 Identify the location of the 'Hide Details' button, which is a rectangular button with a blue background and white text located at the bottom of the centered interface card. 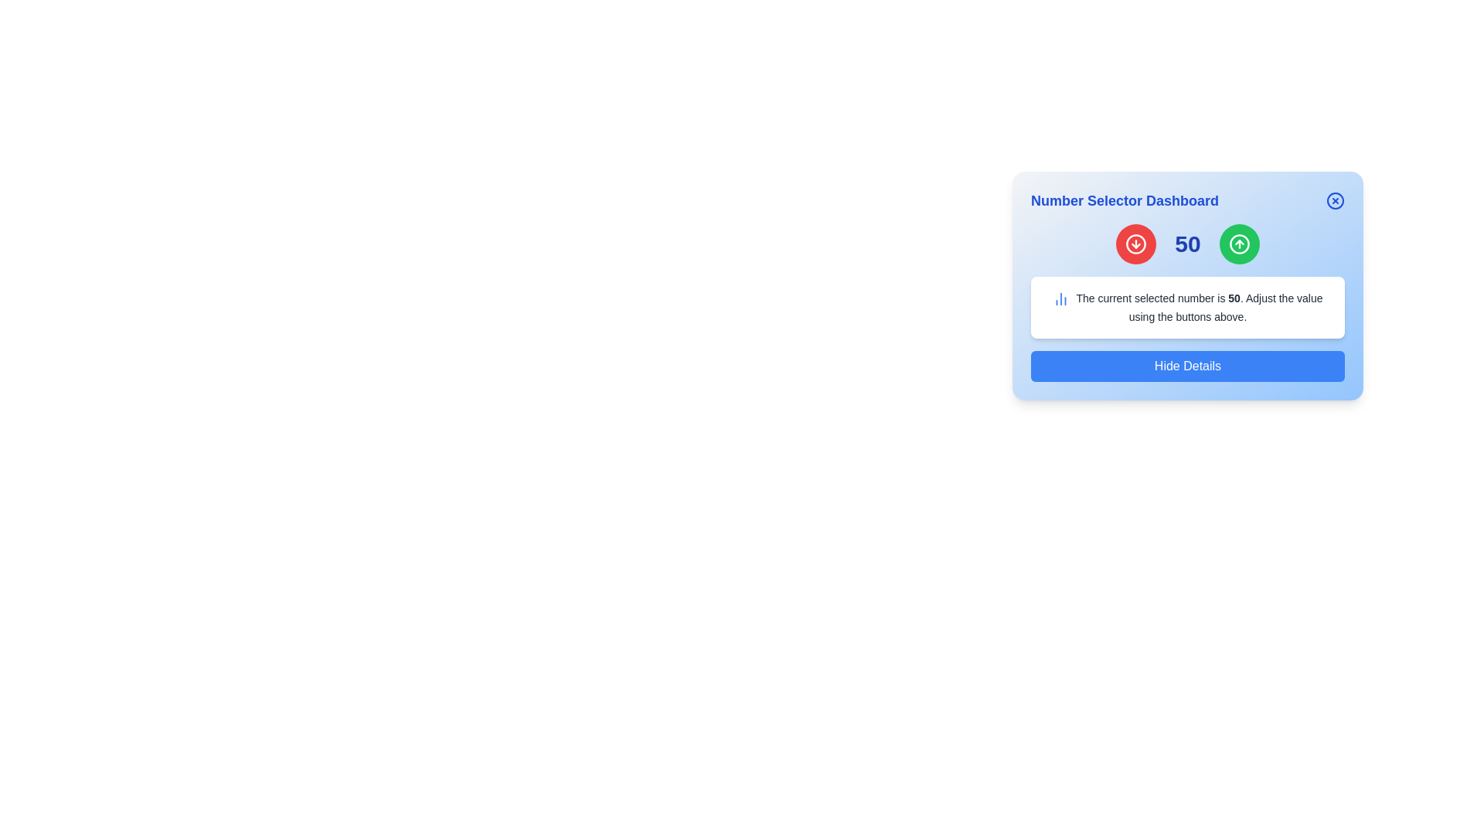
(1186, 366).